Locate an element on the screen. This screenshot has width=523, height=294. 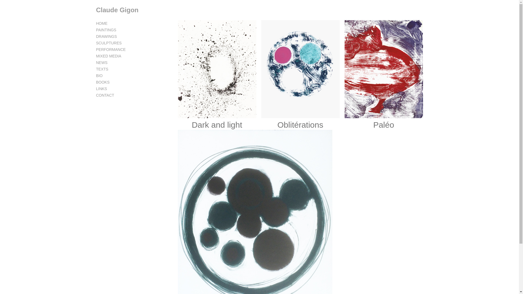
'DRAWINGS' is located at coordinates (106, 36).